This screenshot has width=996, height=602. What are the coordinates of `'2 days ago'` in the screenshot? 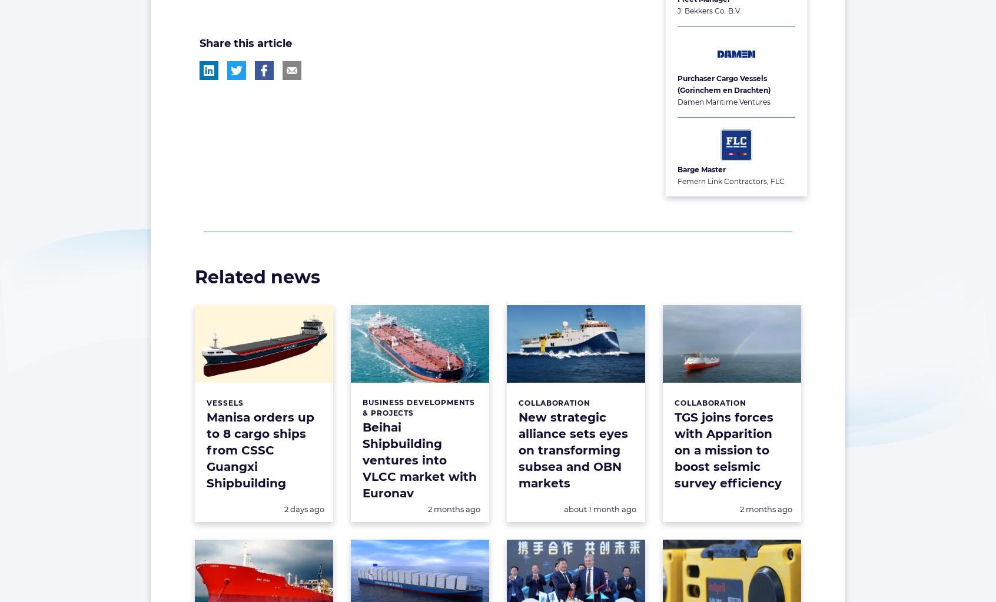 It's located at (304, 509).